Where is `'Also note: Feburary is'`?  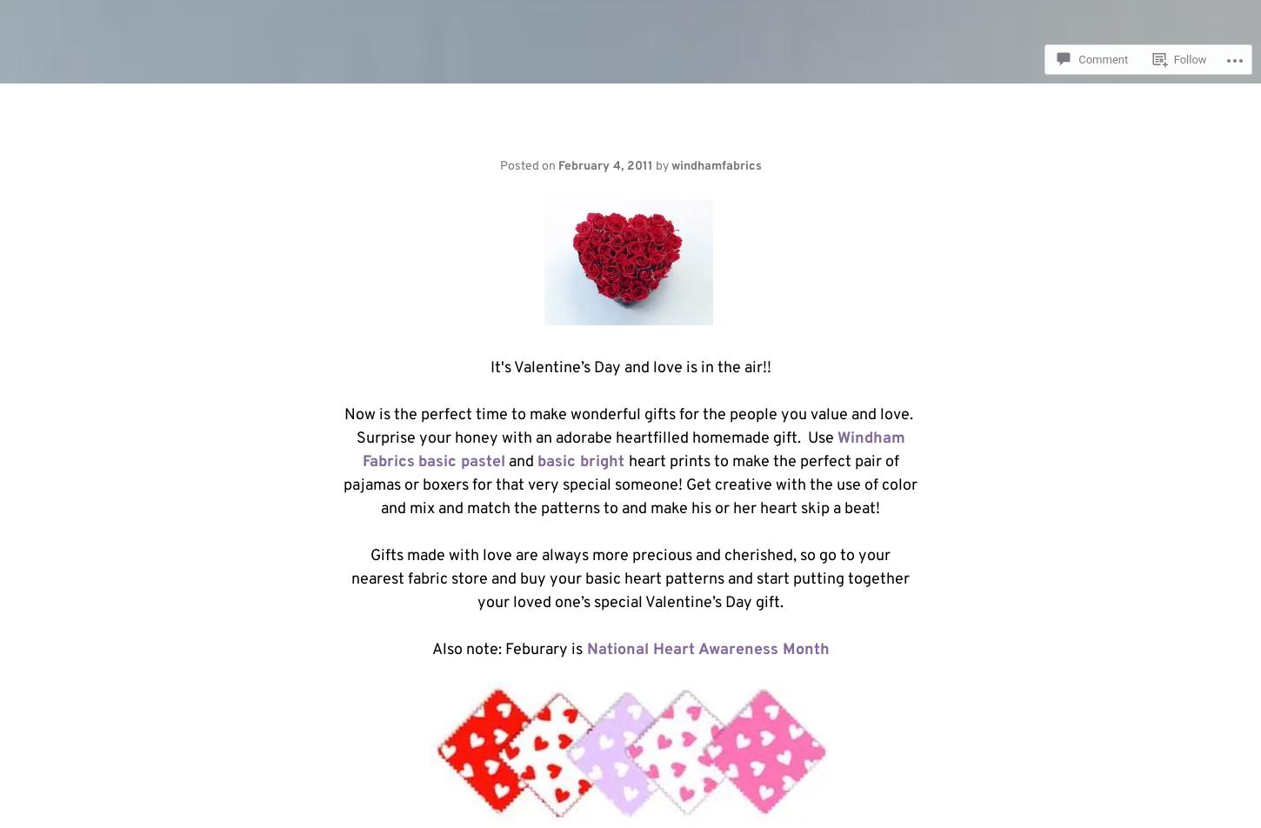 'Also note: Feburary is' is located at coordinates (506, 649).